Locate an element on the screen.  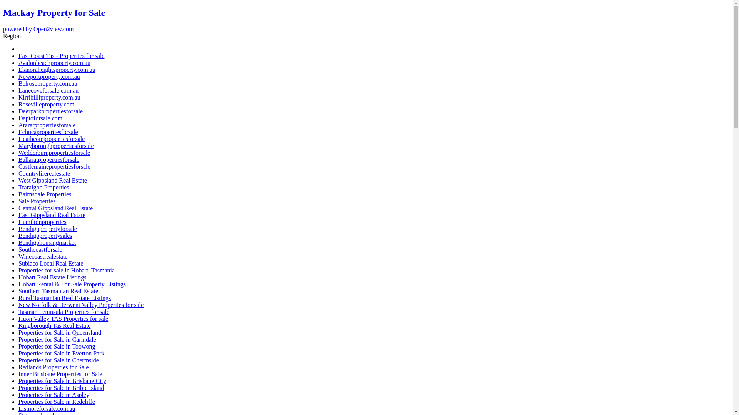
'Deerparkpropertiesforsale' is located at coordinates (50, 111).